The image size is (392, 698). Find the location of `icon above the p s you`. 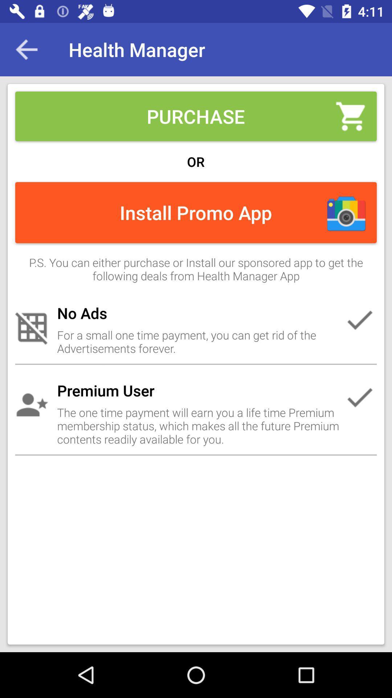

icon above the p s you is located at coordinates (26, 49).